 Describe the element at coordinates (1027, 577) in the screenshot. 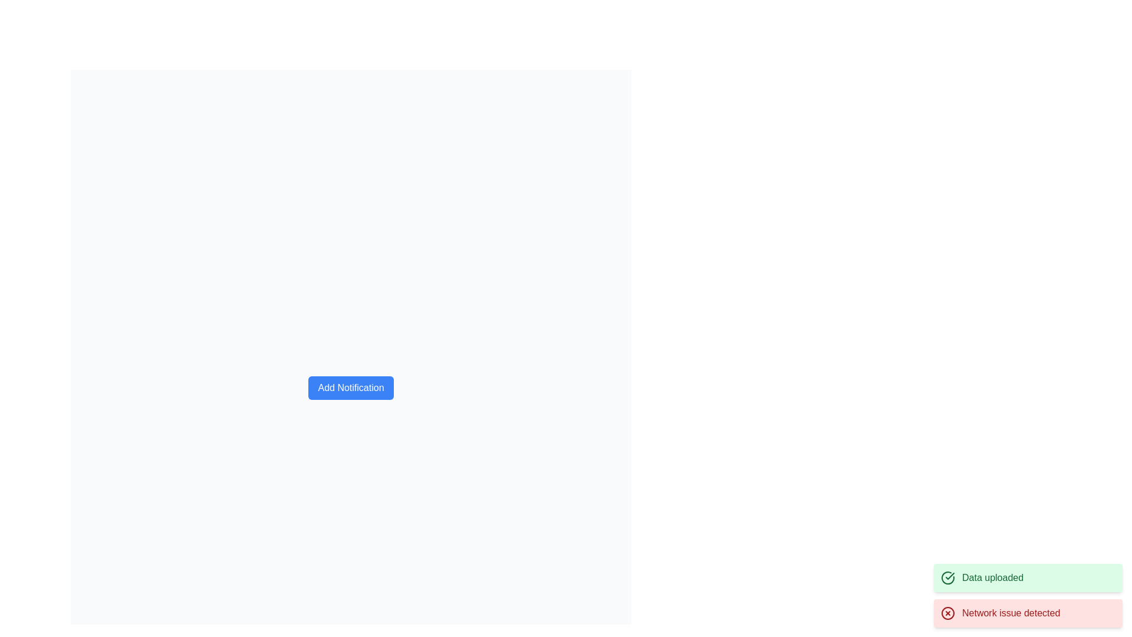

I see `the static notification banner that indicates the successful completion of a data upload process, located at the bottom-right corner of the interface` at that location.